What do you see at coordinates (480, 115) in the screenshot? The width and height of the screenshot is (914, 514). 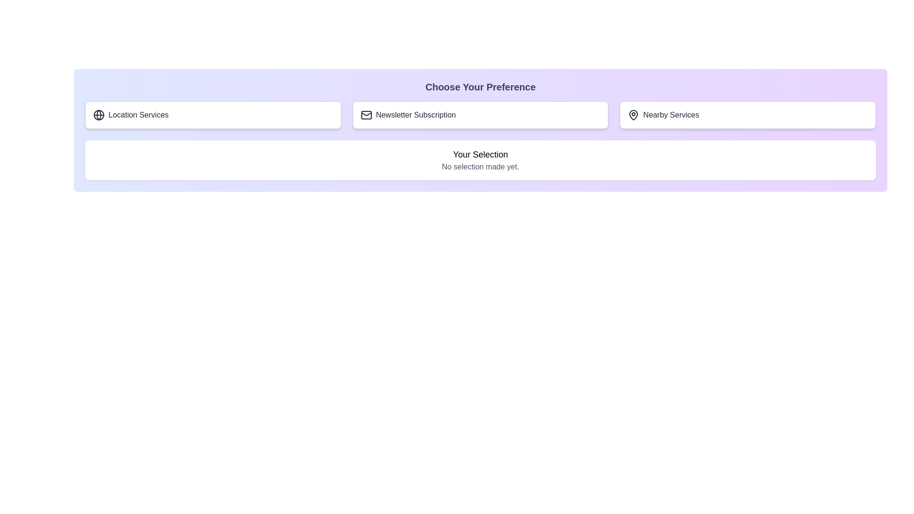 I see `the button labeled Newsletter Subscription to observe its hover effect` at bounding box center [480, 115].